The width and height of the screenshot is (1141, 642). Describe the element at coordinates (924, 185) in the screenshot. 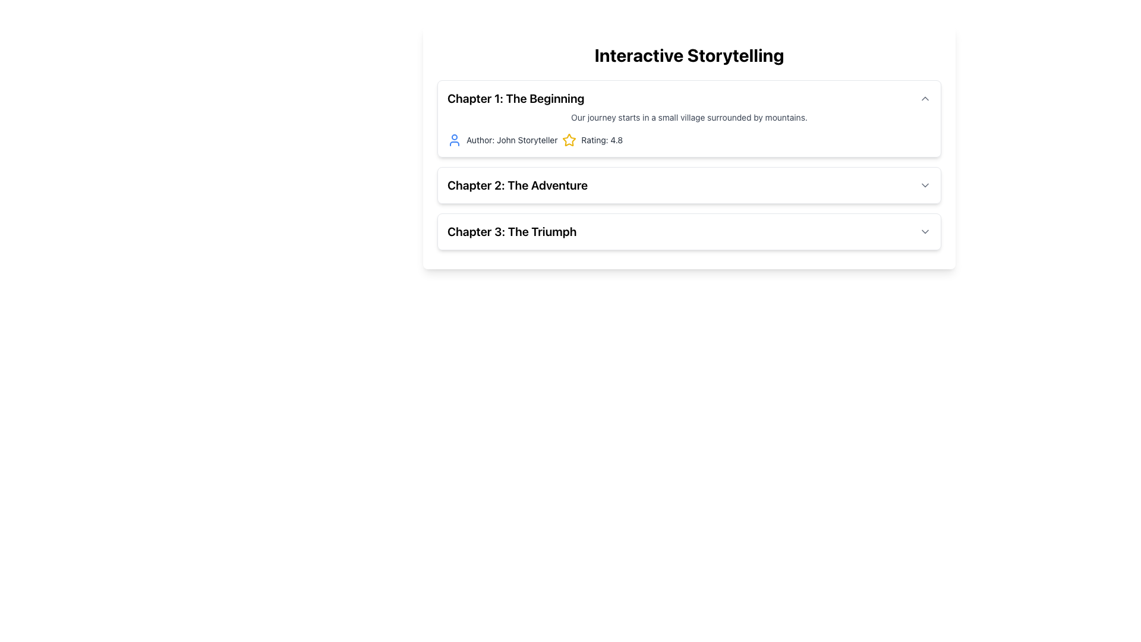

I see `the Chevron Down icon located at the far right of the 'Chapter 2: The Adventure' label` at that location.